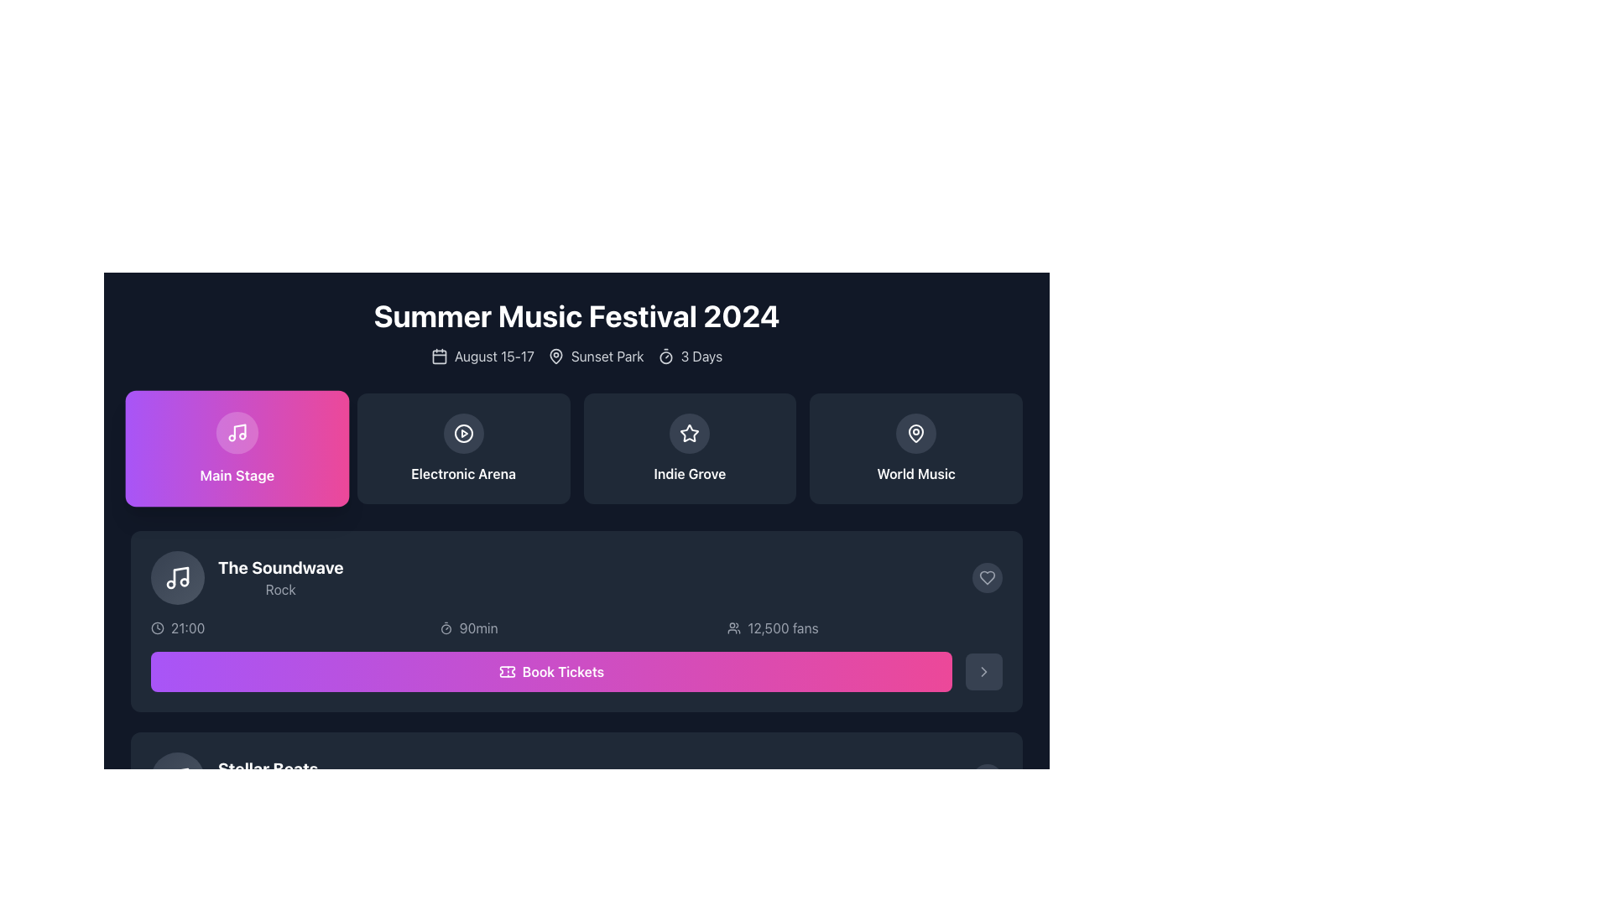 Image resolution: width=1611 pixels, height=906 pixels. I want to click on the circular clock icon located just to the left of the text '21:00' in the 'The Soundwave' section, so click(157, 627).